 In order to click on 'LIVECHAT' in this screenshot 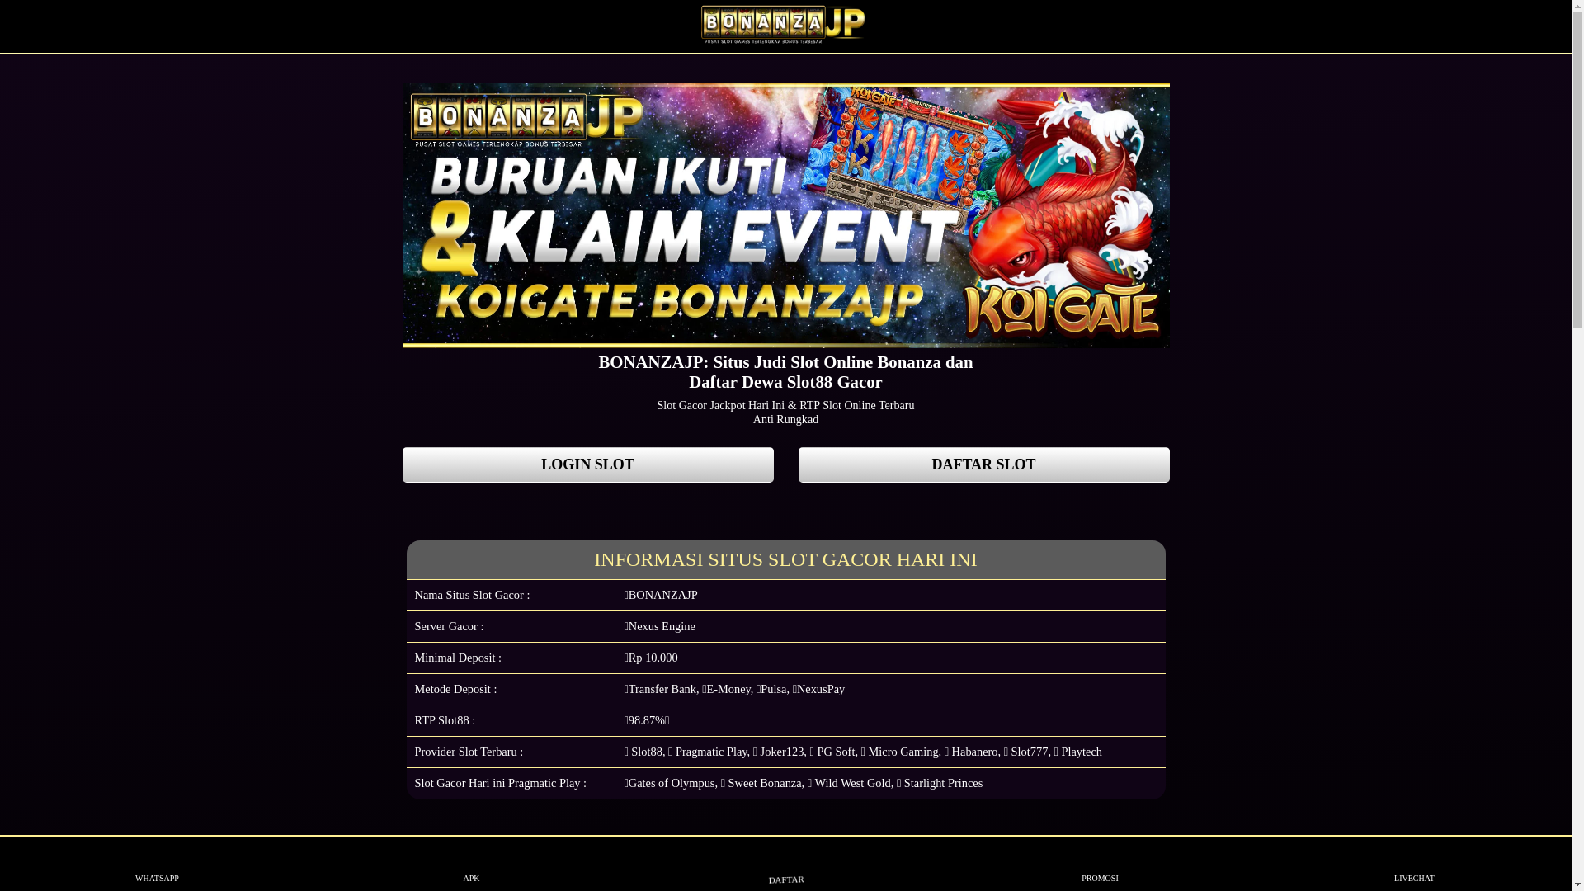, I will do `click(1413, 862)`.